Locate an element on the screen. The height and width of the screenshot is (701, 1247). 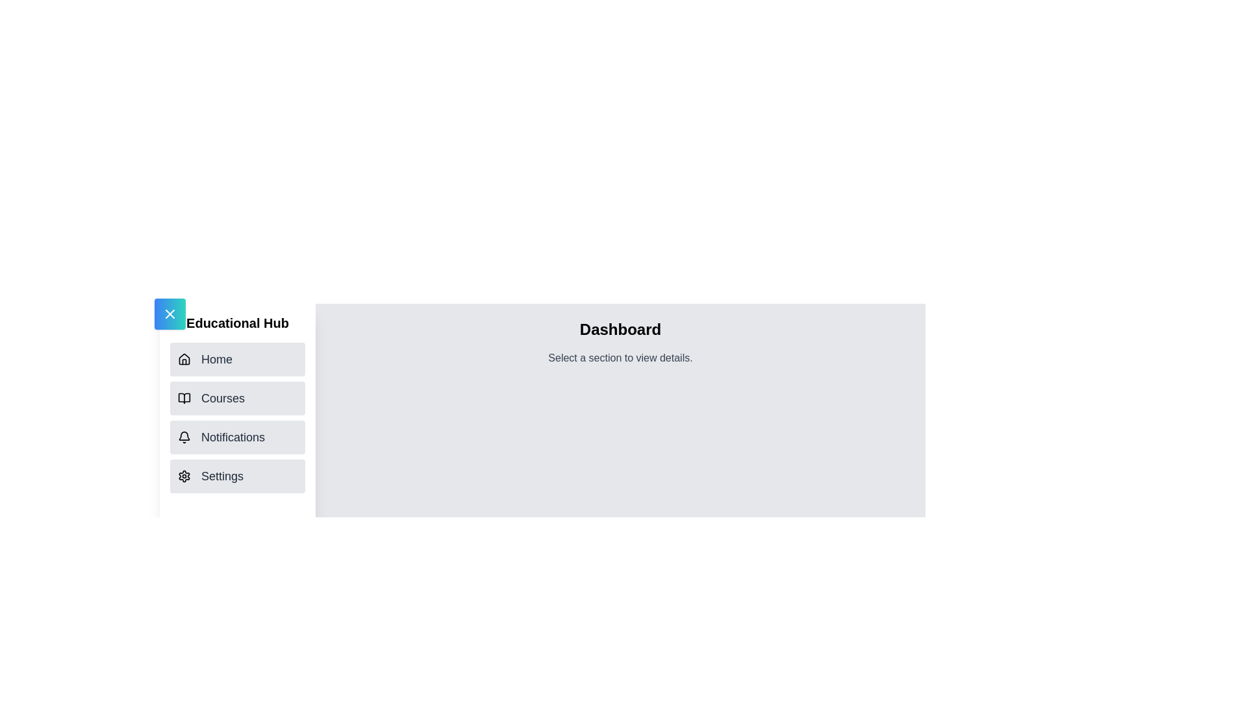
the section Courses from the navigation list is located at coordinates (237, 397).